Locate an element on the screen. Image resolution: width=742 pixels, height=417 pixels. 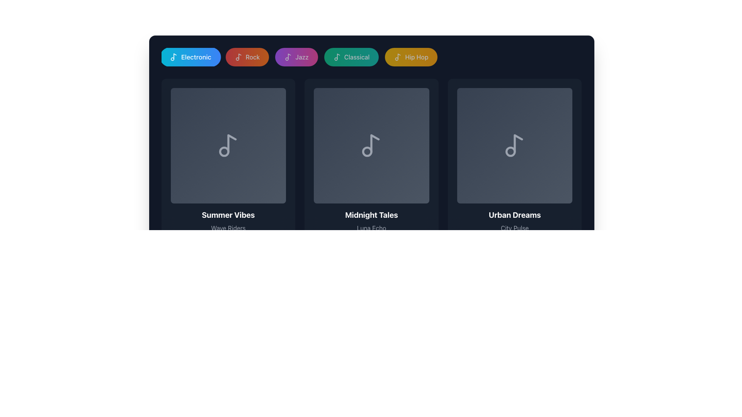
the decorative icon representing the 'Electronic' music category, located at the left of the label displaying 'Electronic' is located at coordinates (173, 56).